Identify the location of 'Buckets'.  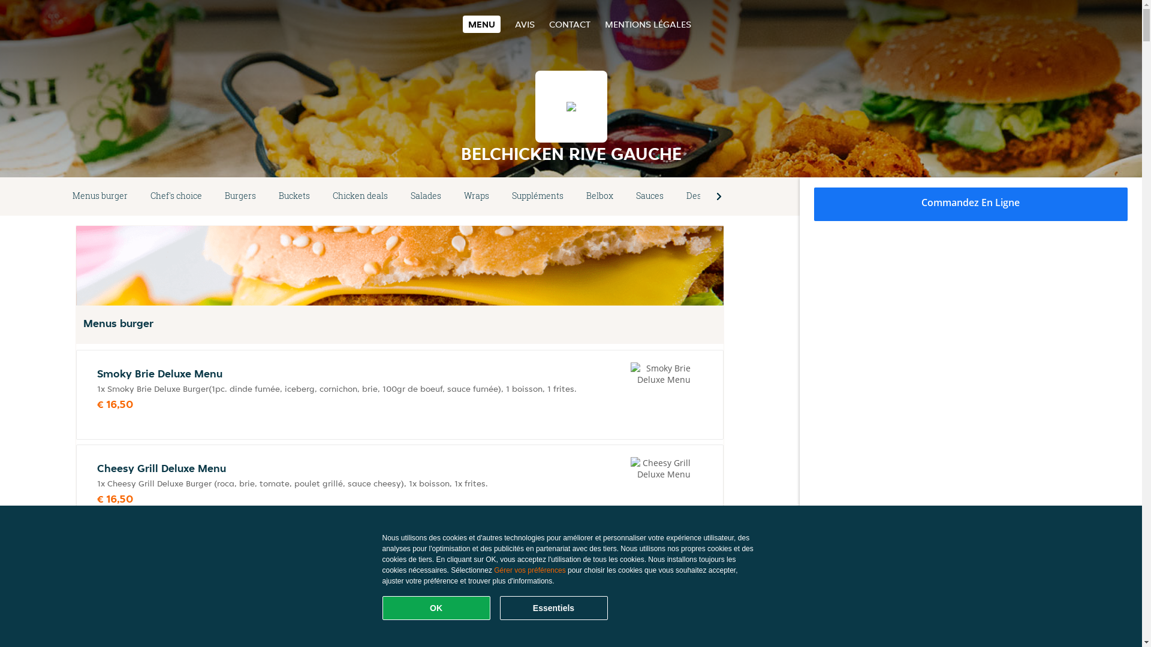
(294, 195).